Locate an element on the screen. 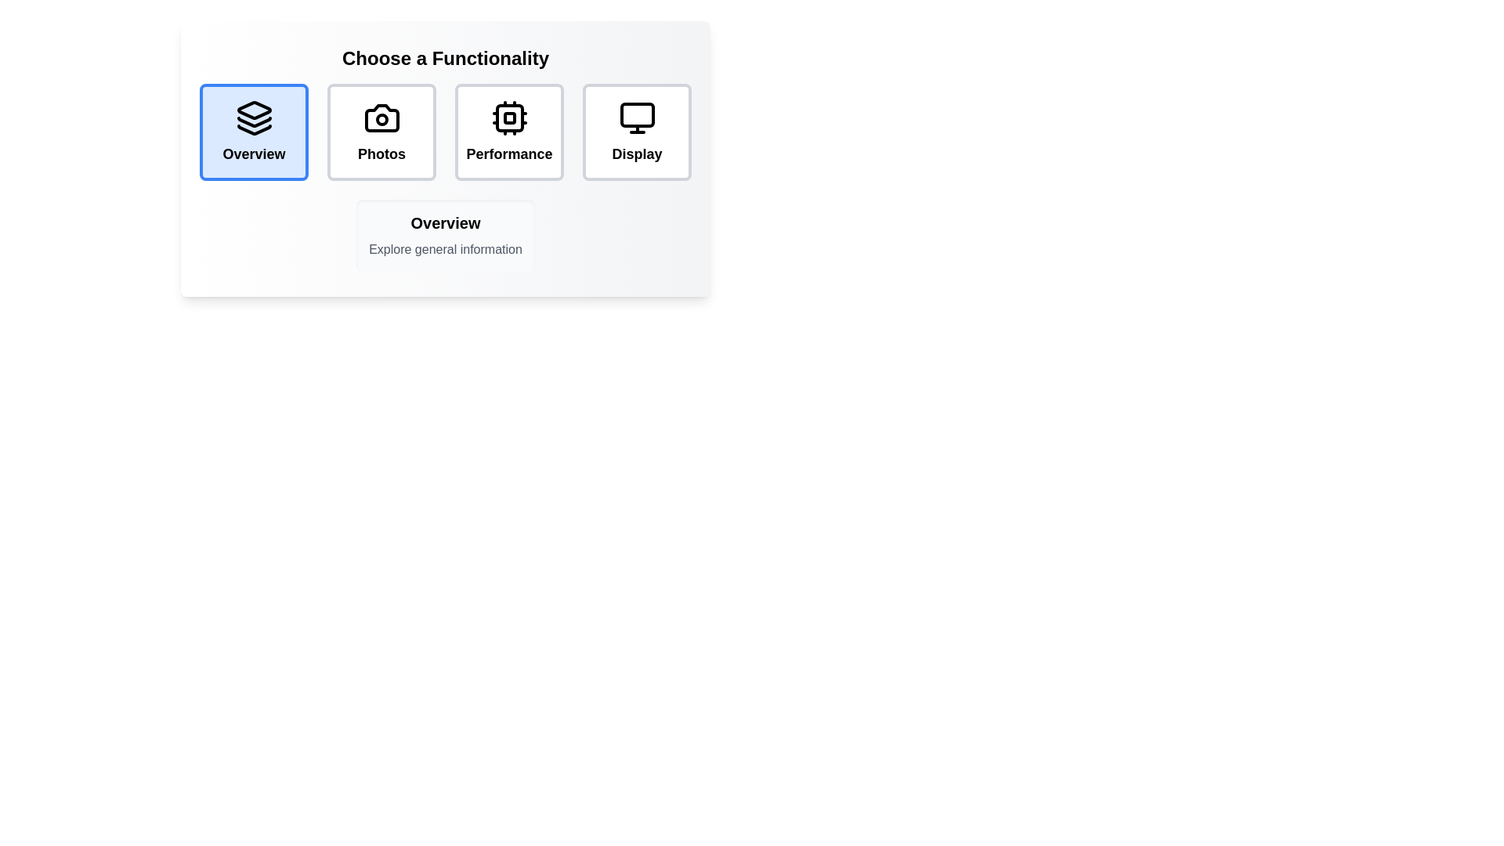 This screenshot has height=846, width=1504. the 'Display' button located at the far right of the grid layout to observe any interactive effects is located at coordinates (637, 132).